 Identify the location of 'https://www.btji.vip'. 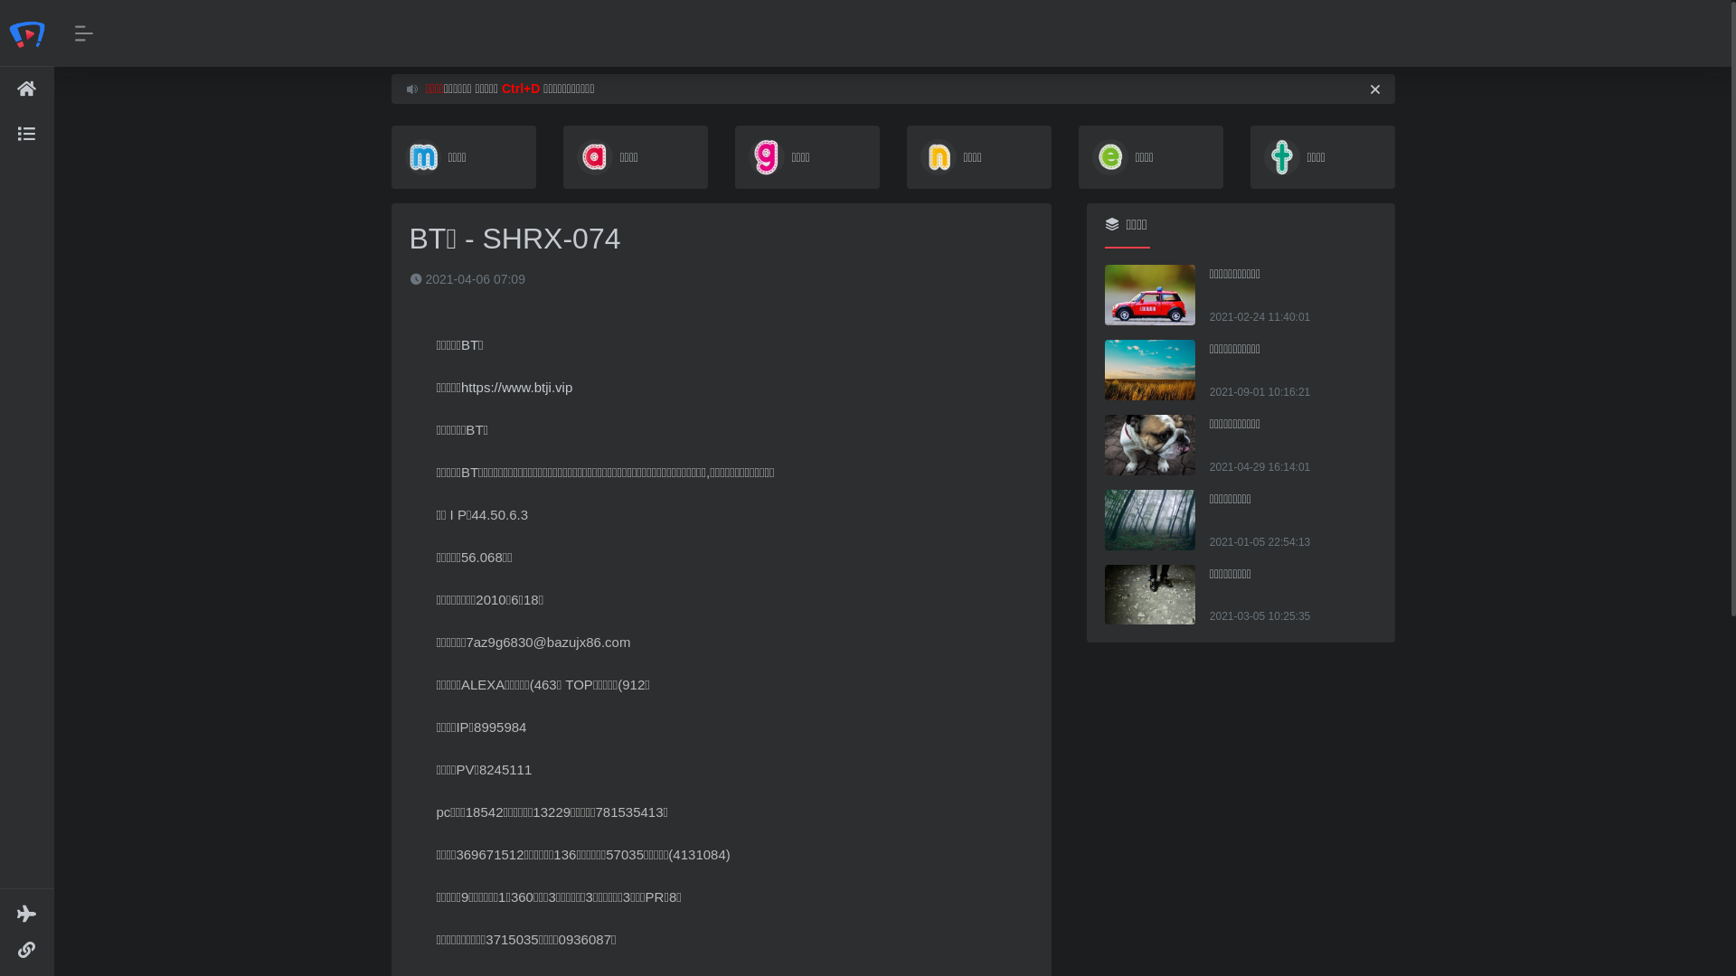
(515, 386).